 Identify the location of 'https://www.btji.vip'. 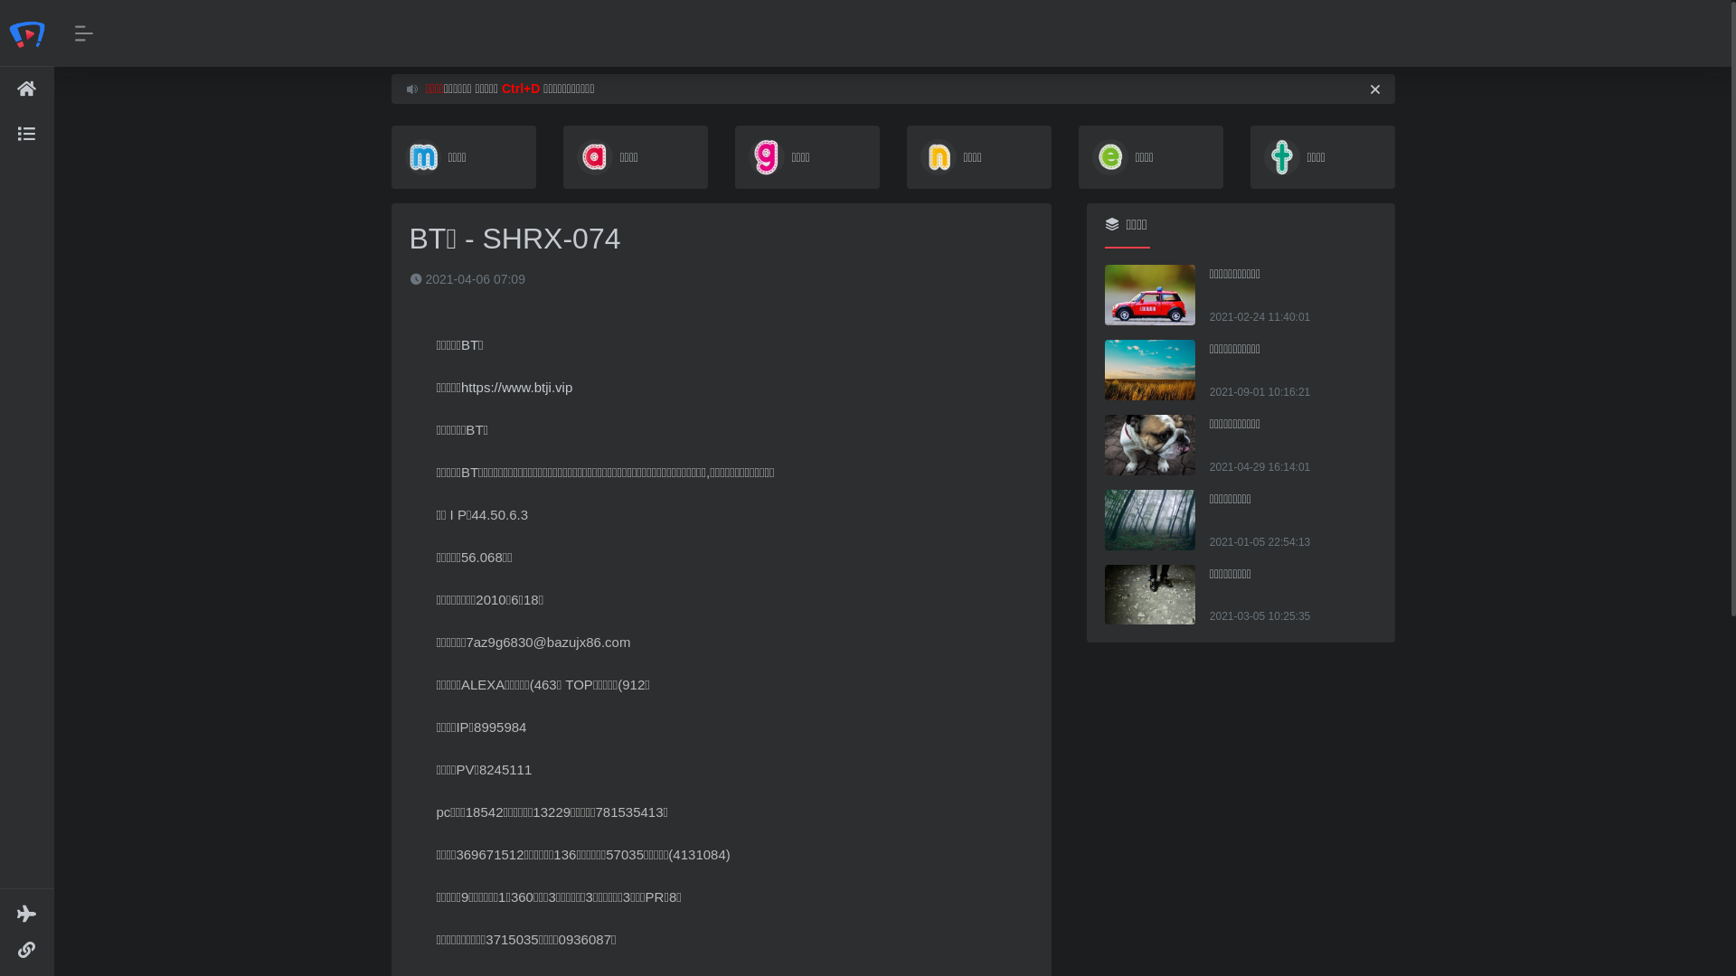
(515, 386).